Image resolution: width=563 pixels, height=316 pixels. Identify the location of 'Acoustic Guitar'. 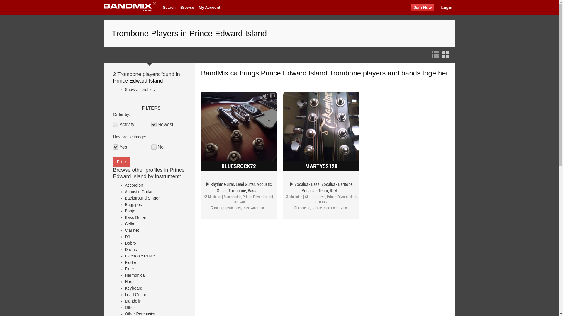
(138, 192).